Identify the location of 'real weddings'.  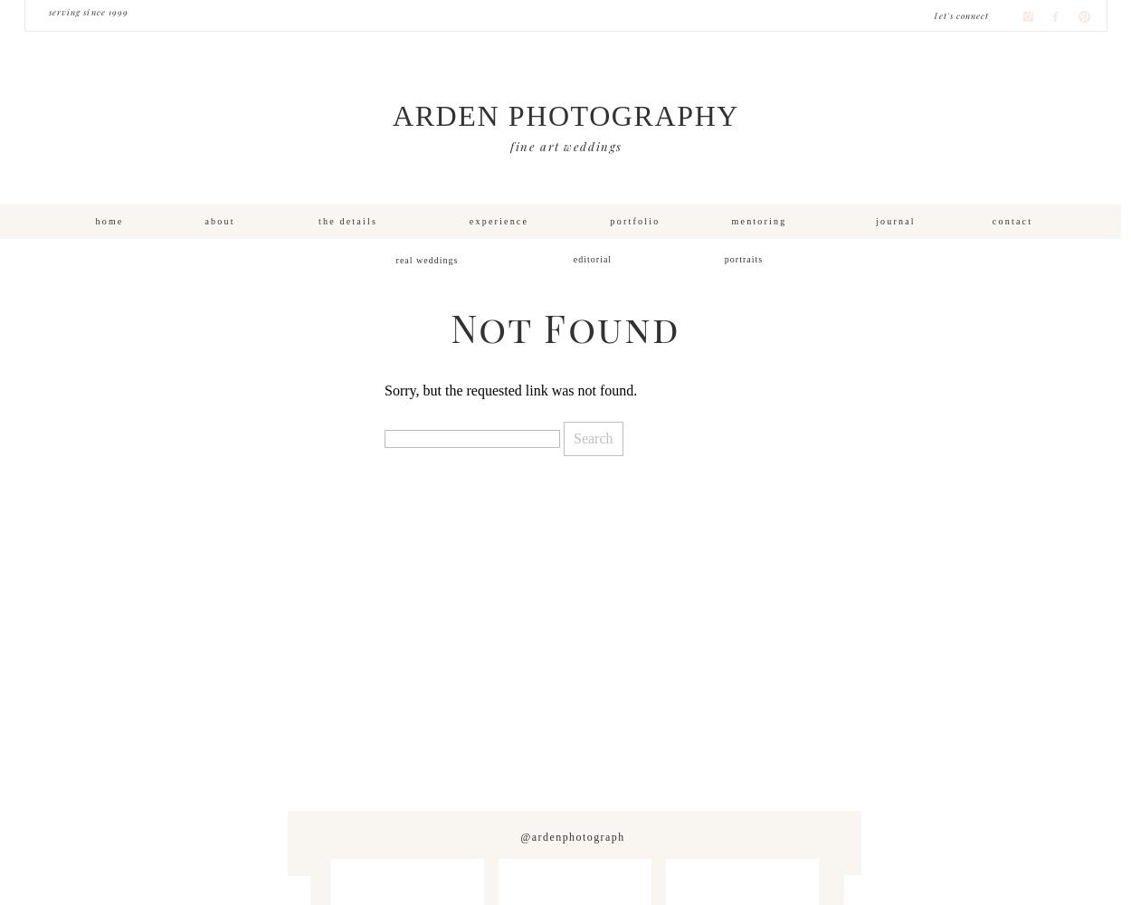
(425, 260).